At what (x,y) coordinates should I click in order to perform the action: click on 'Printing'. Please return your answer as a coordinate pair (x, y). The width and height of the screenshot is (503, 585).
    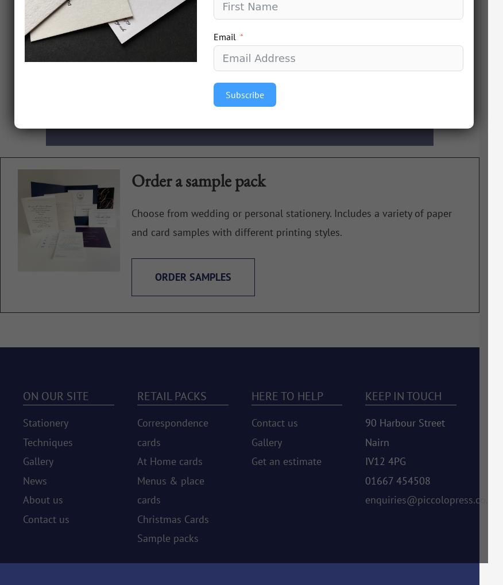
    Looking at the image, I should click on (98, 45).